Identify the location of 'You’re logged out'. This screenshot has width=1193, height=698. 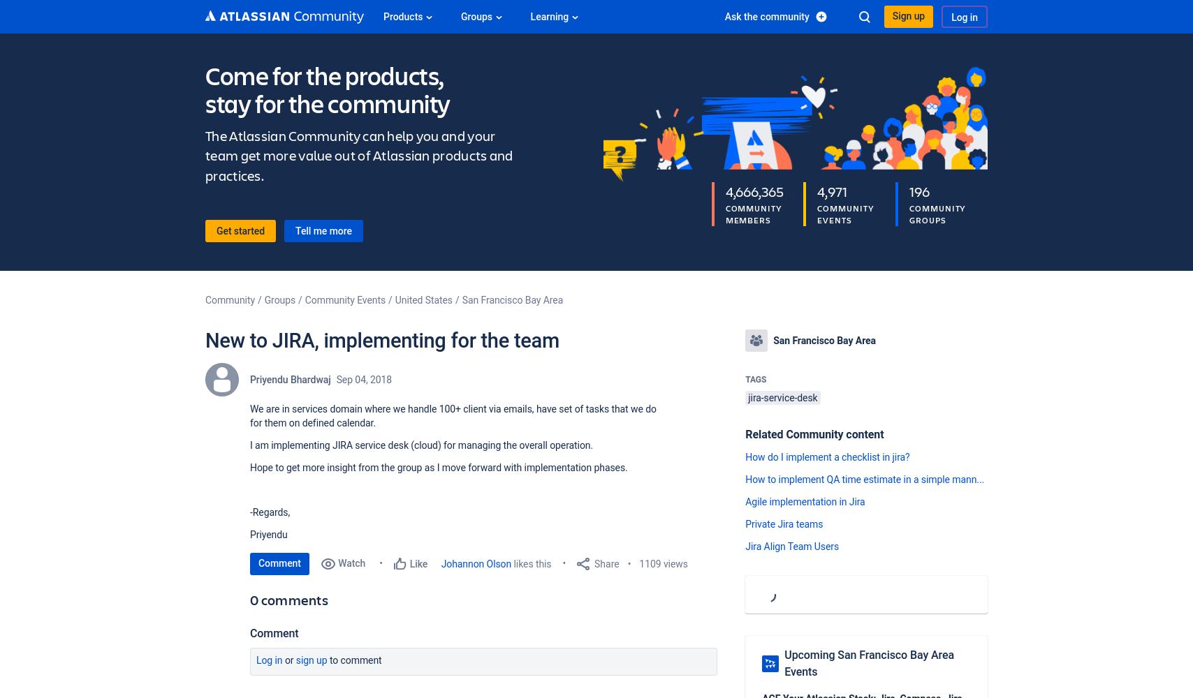
(858, 50).